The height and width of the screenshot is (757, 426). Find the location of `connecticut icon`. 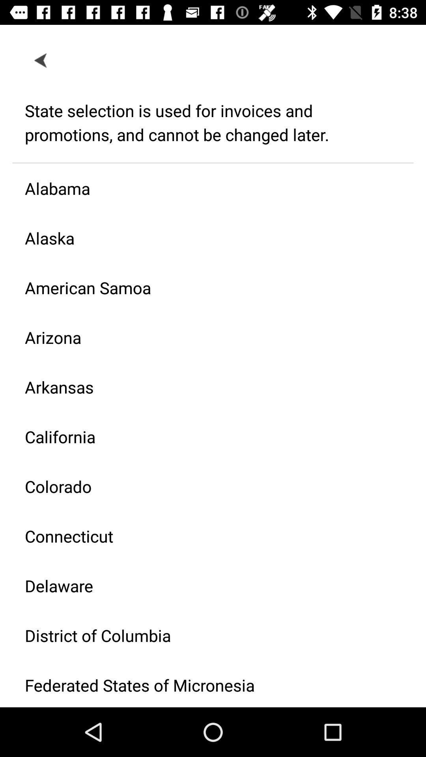

connecticut icon is located at coordinates (206, 536).